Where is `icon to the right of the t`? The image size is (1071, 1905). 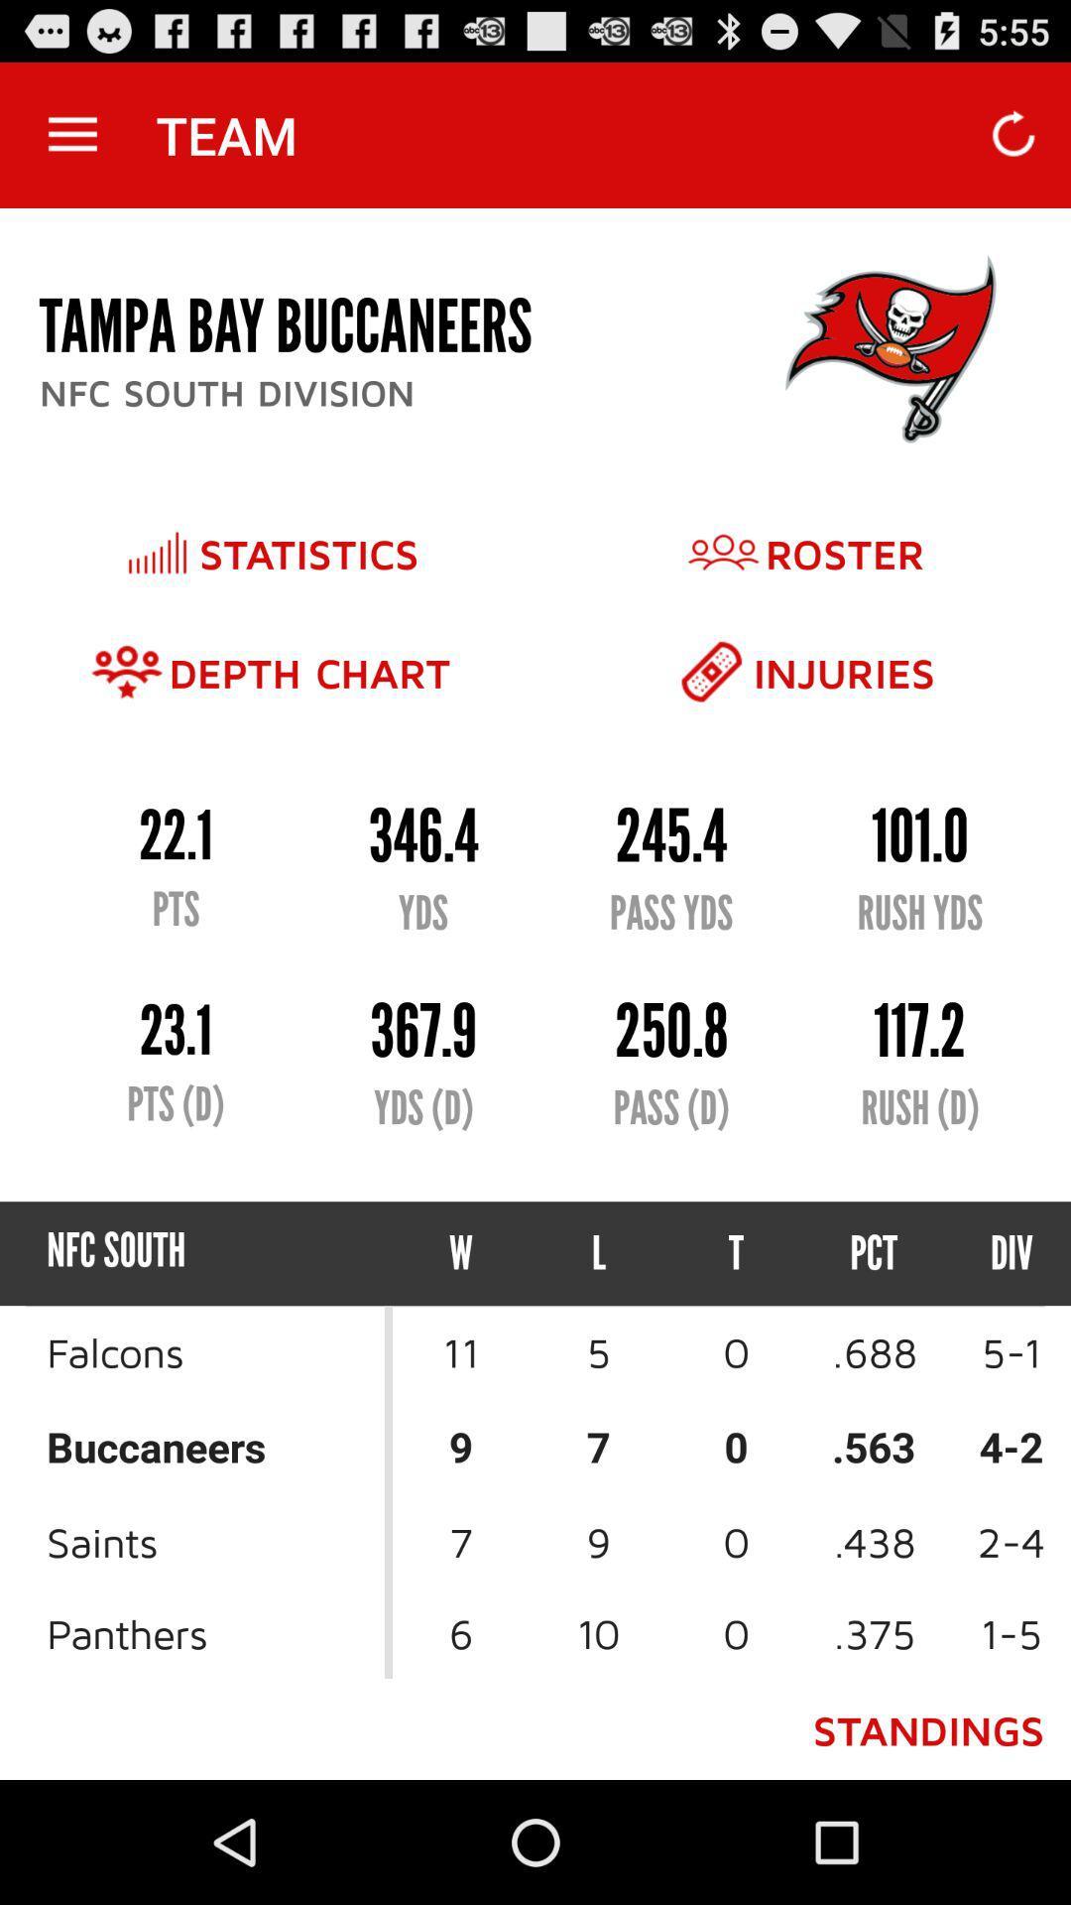 icon to the right of the t is located at coordinates (873, 1252).